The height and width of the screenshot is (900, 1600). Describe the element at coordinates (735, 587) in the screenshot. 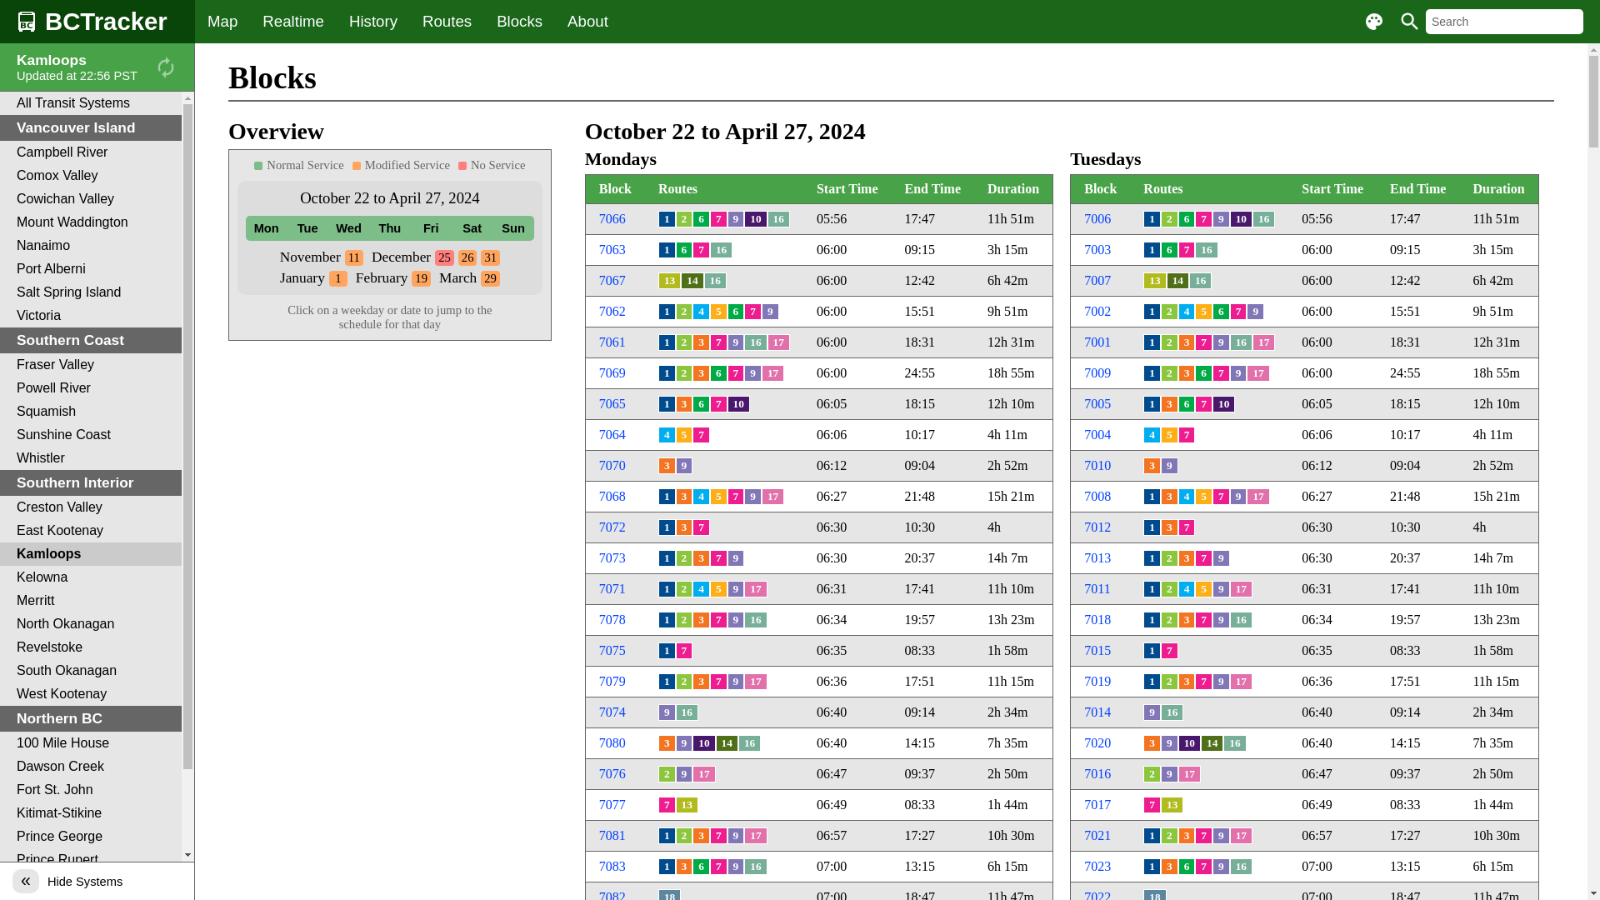

I see `'9'` at that location.